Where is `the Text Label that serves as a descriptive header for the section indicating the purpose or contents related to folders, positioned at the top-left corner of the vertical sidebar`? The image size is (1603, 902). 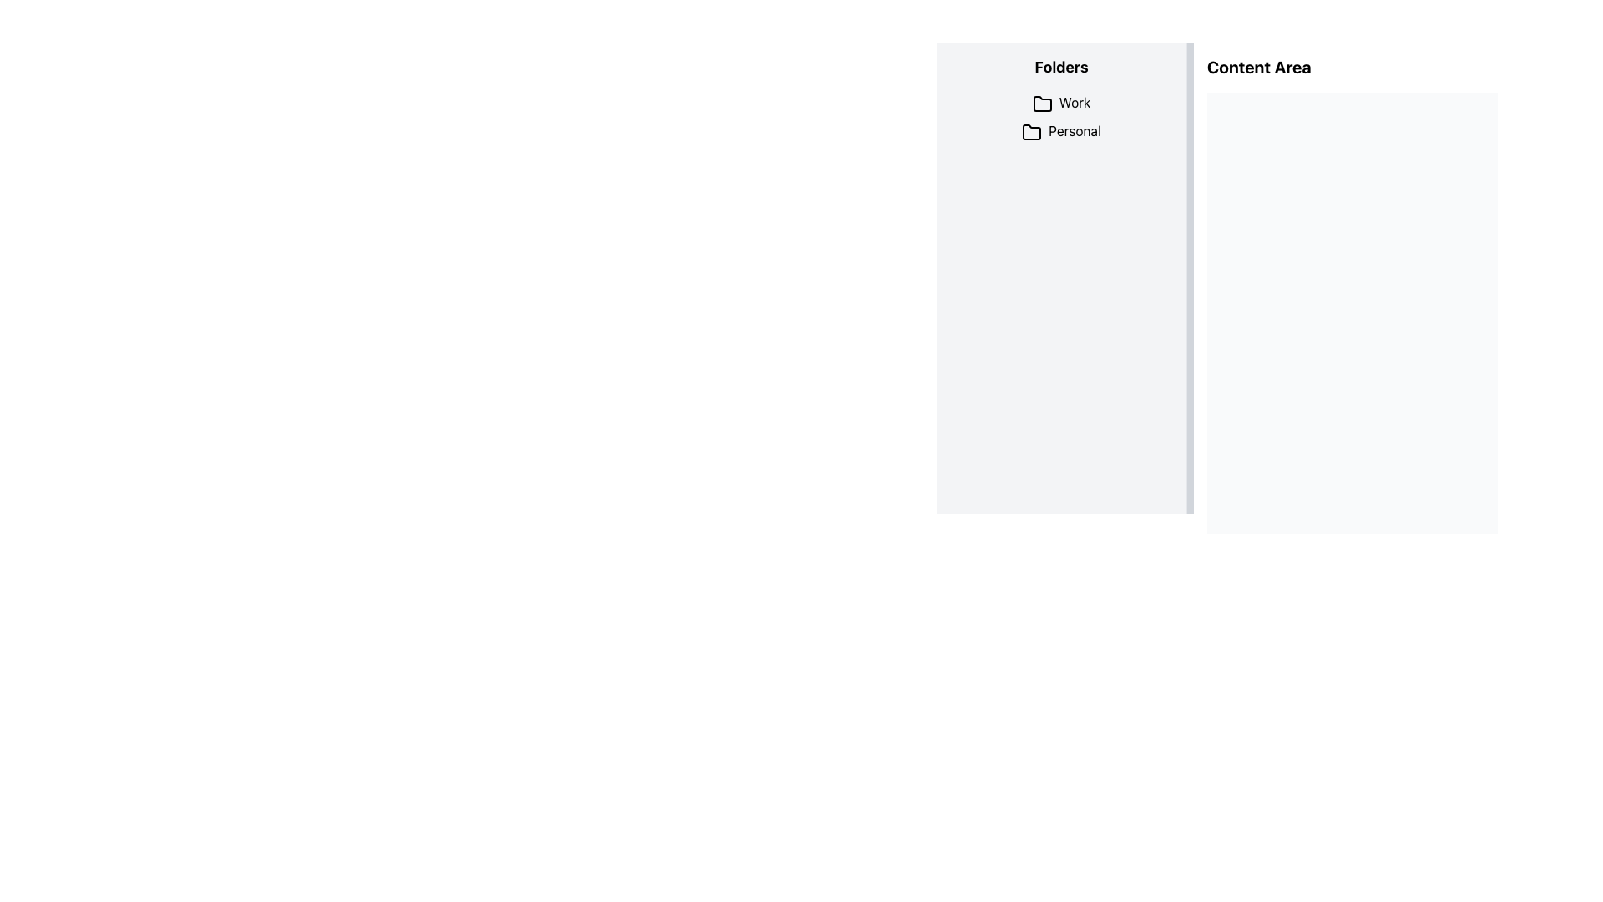
the Text Label that serves as a descriptive header for the section indicating the purpose or contents related to folders, positioned at the top-left corner of the vertical sidebar is located at coordinates (1060, 67).